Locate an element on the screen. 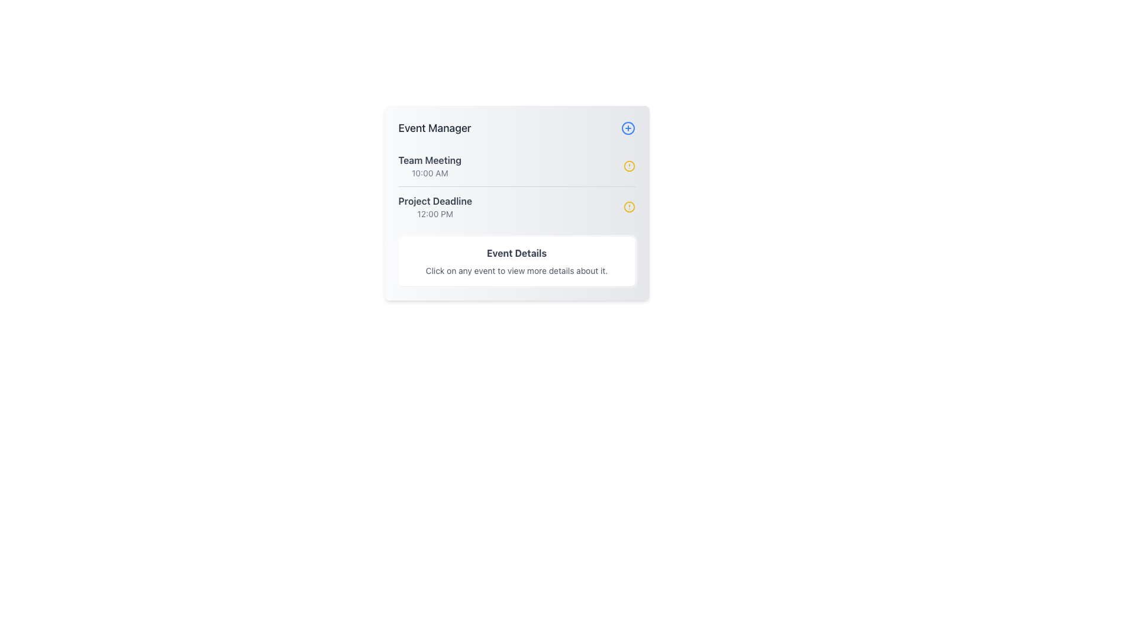 This screenshot has width=1136, height=639. the Event Item located in the first row of the 'Event Manager' list, which displays the title and time of the event is located at coordinates (517, 166).